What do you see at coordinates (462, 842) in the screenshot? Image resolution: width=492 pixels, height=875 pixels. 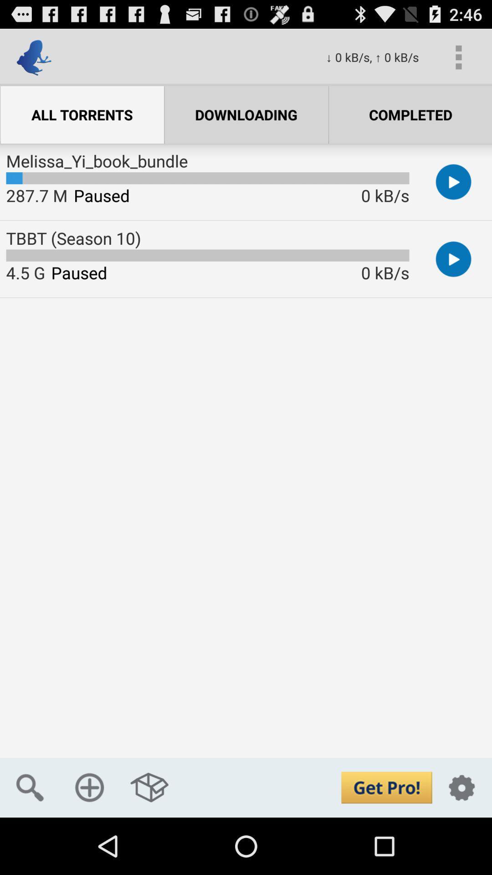 I see `the settings icon` at bounding box center [462, 842].